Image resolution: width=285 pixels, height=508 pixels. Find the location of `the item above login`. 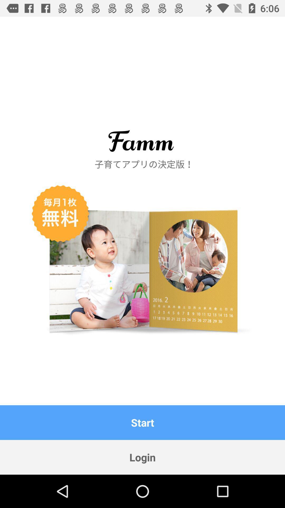

the item above login is located at coordinates (142, 422).